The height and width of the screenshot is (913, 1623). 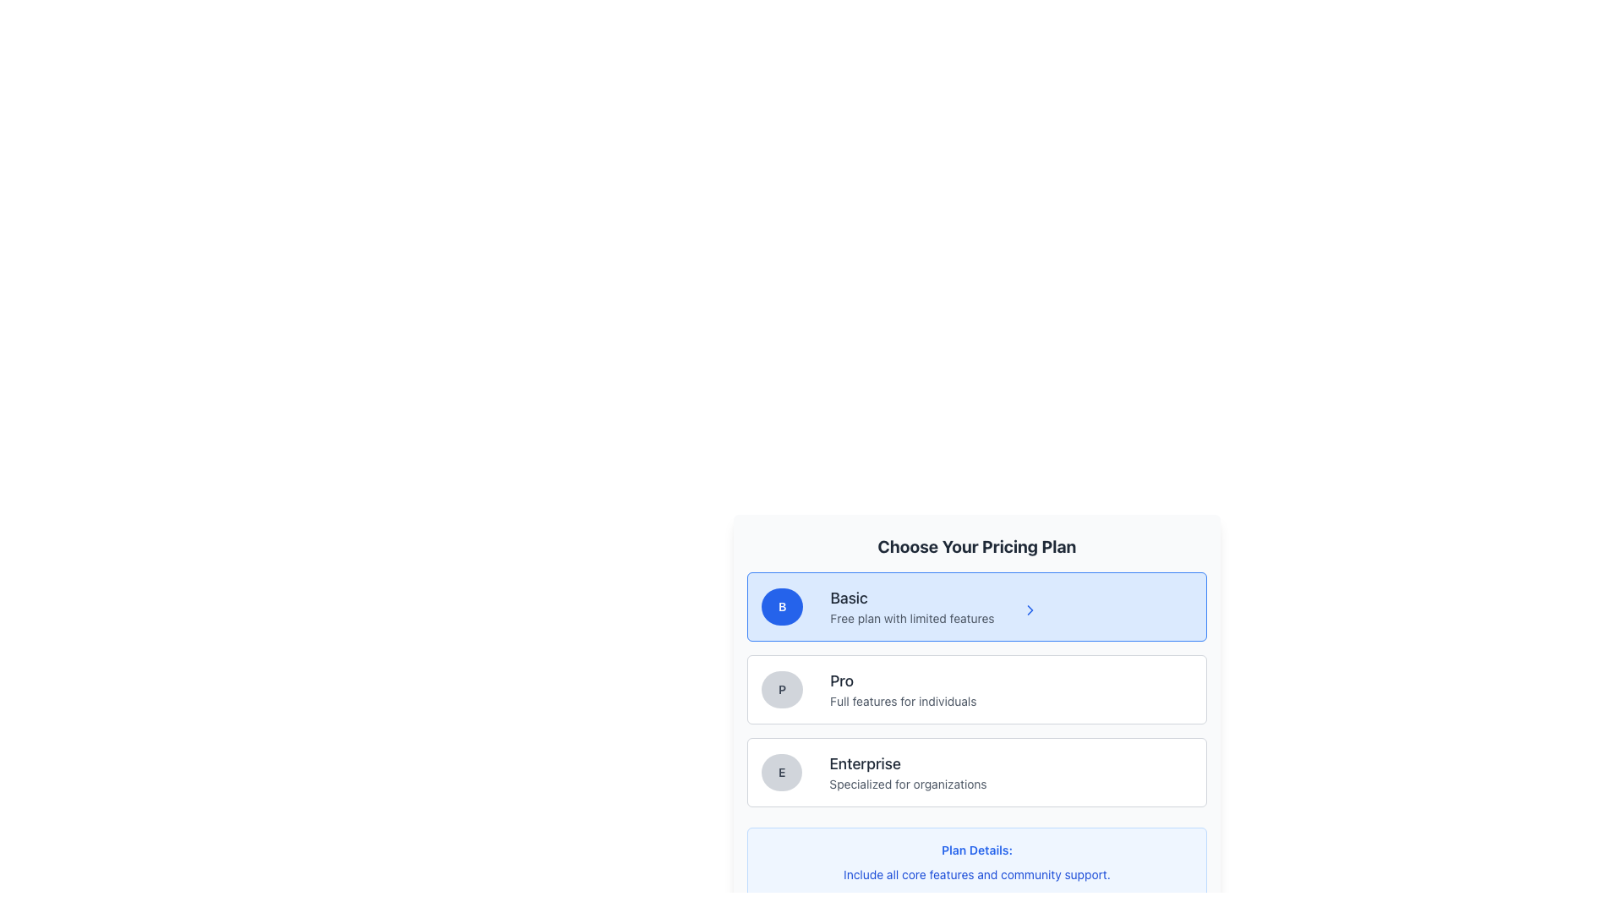 I want to click on the text block representing the basic tier in the pricing plan selection, located inside the first option block under 'Choose Your Pricing Plan', so click(x=911, y=605).